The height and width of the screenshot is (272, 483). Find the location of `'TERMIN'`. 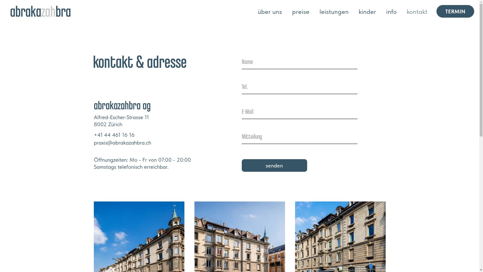

'TERMIN' is located at coordinates (455, 11).